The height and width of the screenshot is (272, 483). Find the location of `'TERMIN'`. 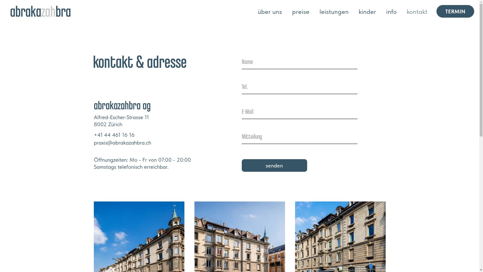

'TERMIN' is located at coordinates (455, 11).